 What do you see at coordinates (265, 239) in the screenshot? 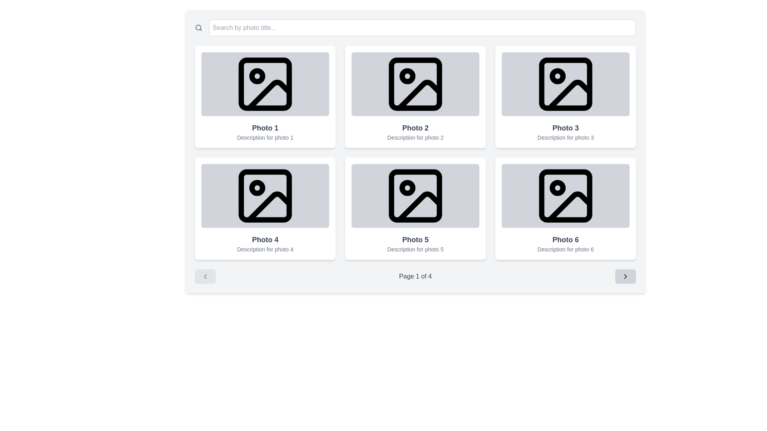
I see `the text label displaying 'Photo 4', which is styled as a title in a bold font and is located in the leftmost card of the second row` at bounding box center [265, 239].